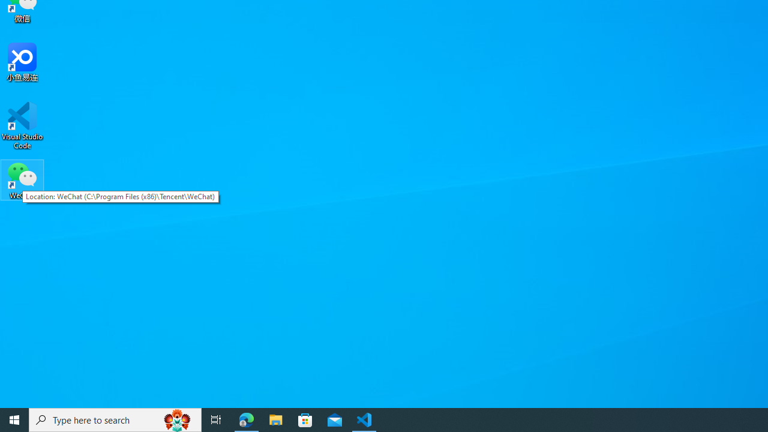 This screenshot has height=432, width=768. I want to click on 'Task View', so click(215, 419).